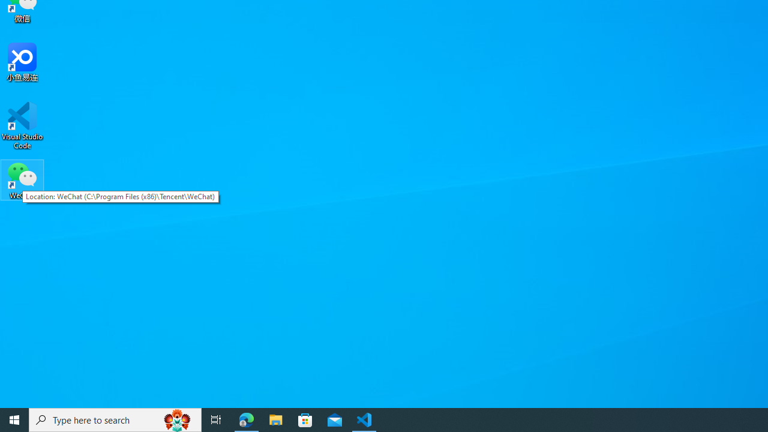 This screenshot has height=432, width=768. I want to click on 'Task View', so click(215, 419).